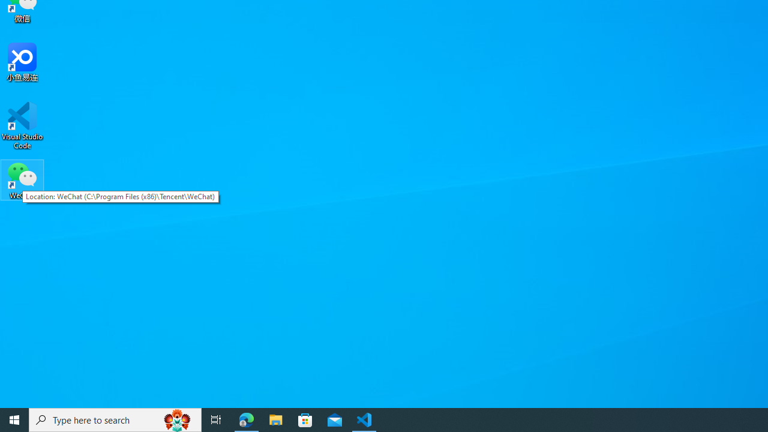 This screenshot has height=432, width=768. I want to click on 'Task View', so click(215, 419).